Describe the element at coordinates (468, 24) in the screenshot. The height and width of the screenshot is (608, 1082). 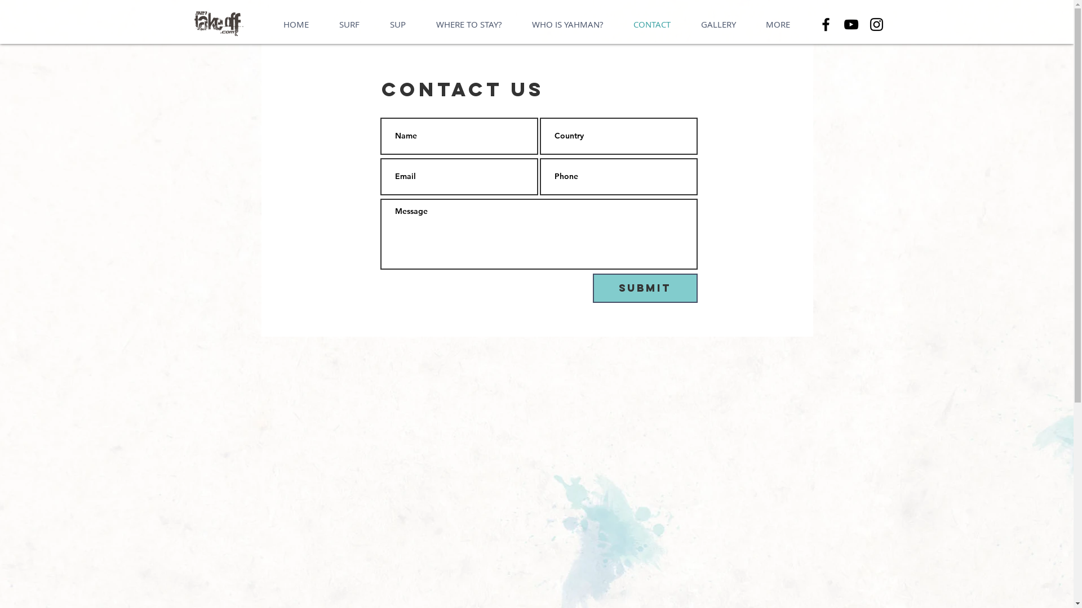
I see `'WHERE TO STAY?'` at that location.